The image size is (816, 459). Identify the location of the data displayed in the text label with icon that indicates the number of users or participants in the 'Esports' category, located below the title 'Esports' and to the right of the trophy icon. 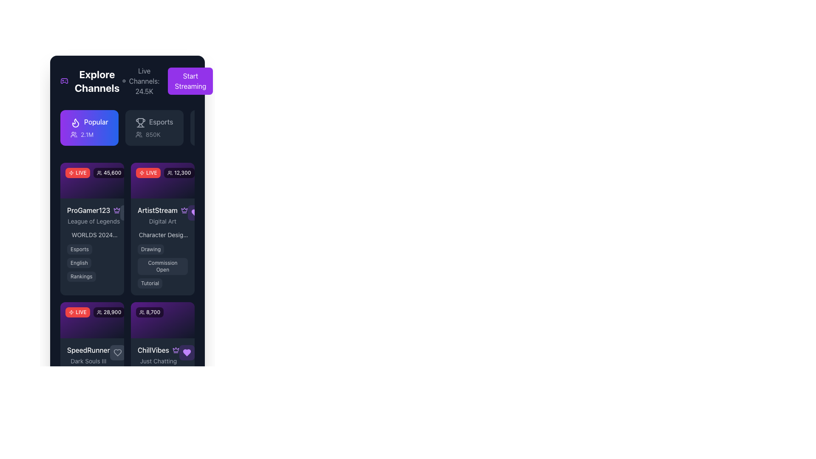
(154, 134).